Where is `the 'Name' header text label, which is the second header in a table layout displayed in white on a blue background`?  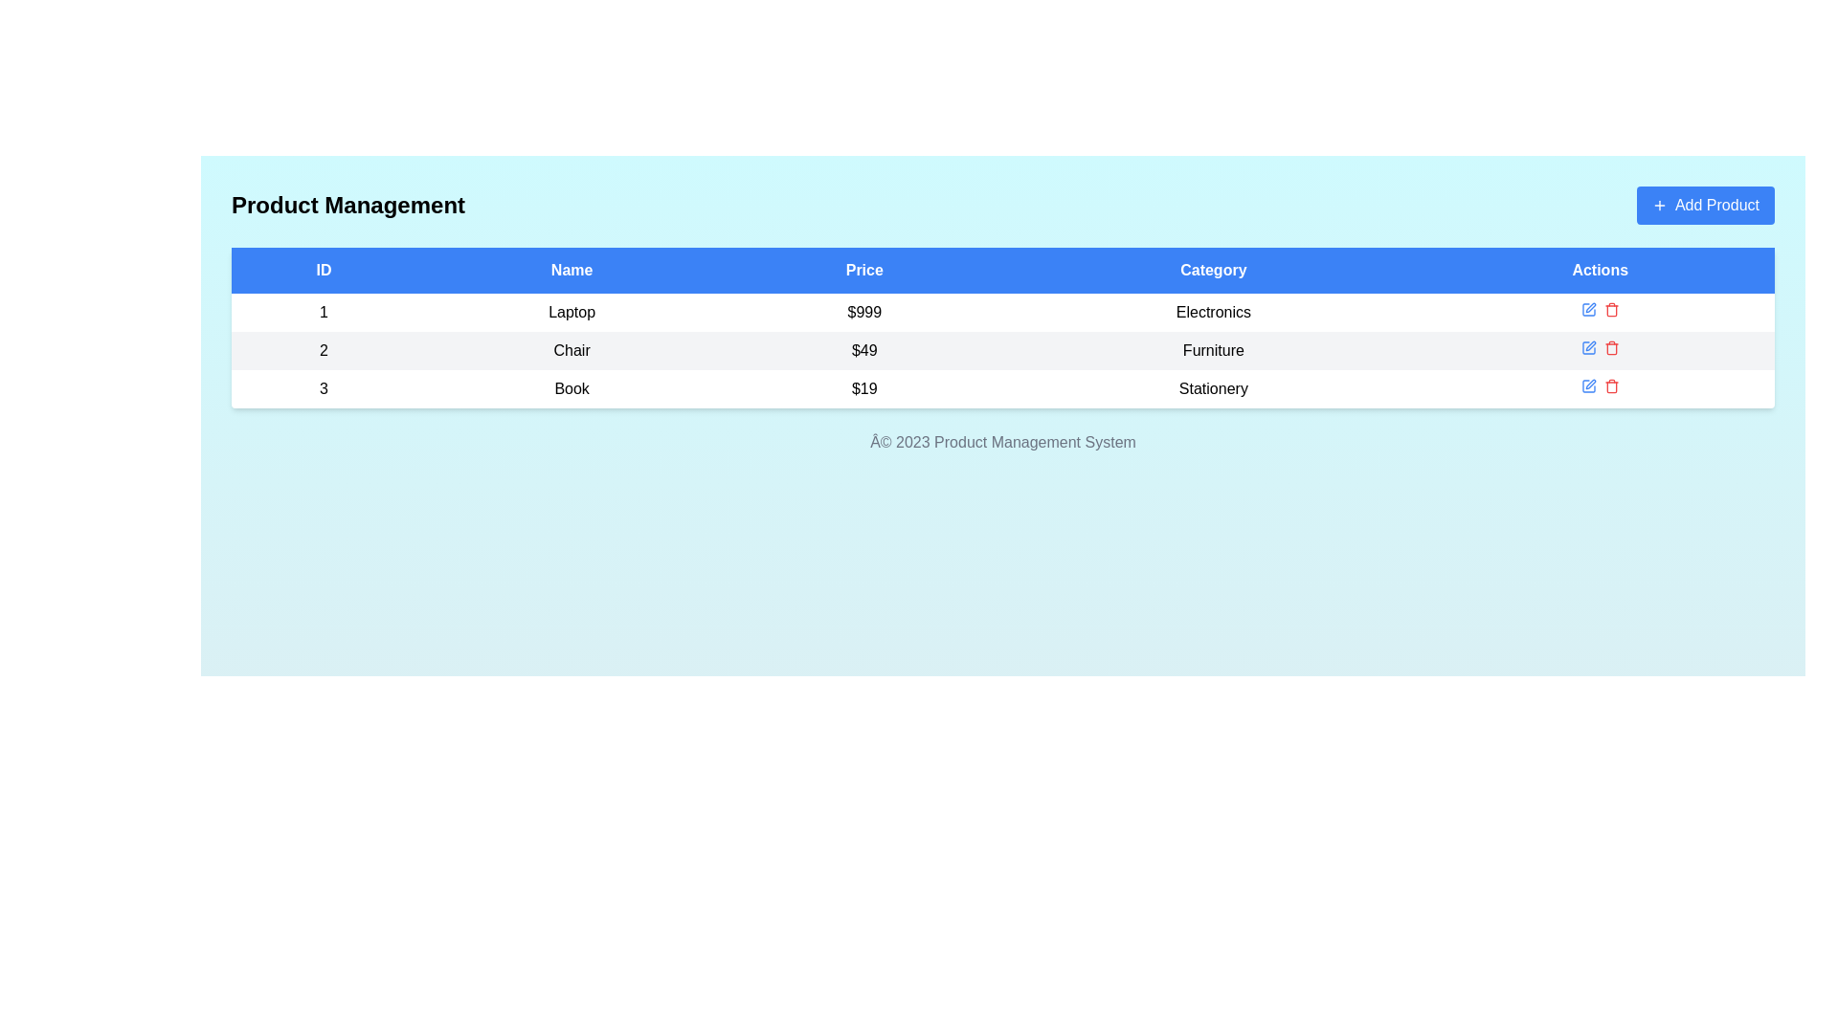 the 'Name' header text label, which is the second header in a table layout displayed in white on a blue background is located at coordinates (571, 270).